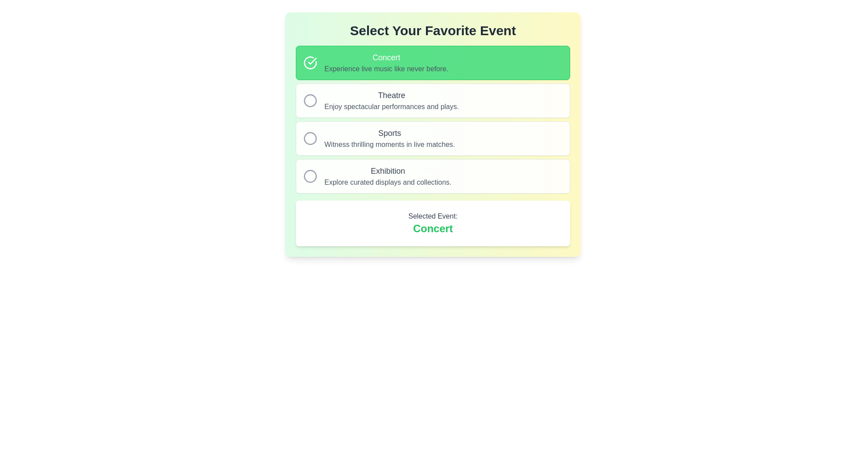 This screenshot has height=475, width=844. I want to click on the 'Theatre' button, which is the second option in the list of events under 'Select Your Favorite Event', so click(433, 120).